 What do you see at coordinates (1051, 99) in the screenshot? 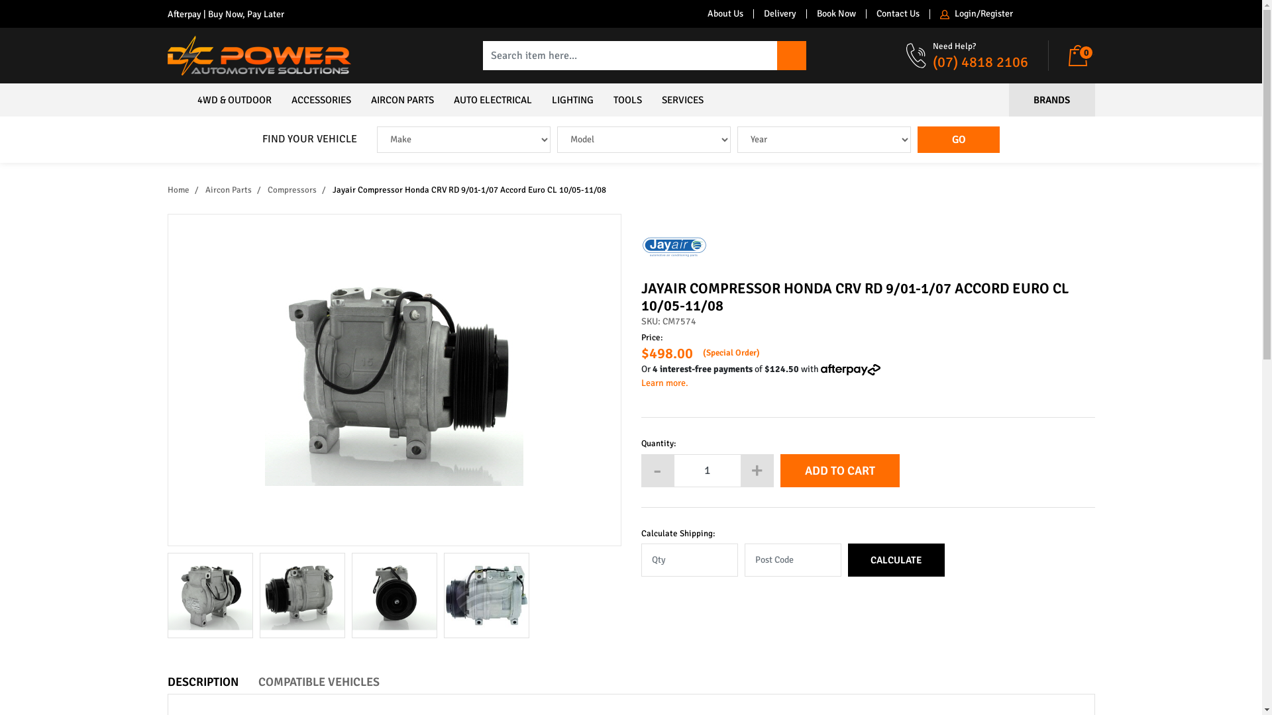
I see `'BRANDS'` at bounding box center [1051, 99].